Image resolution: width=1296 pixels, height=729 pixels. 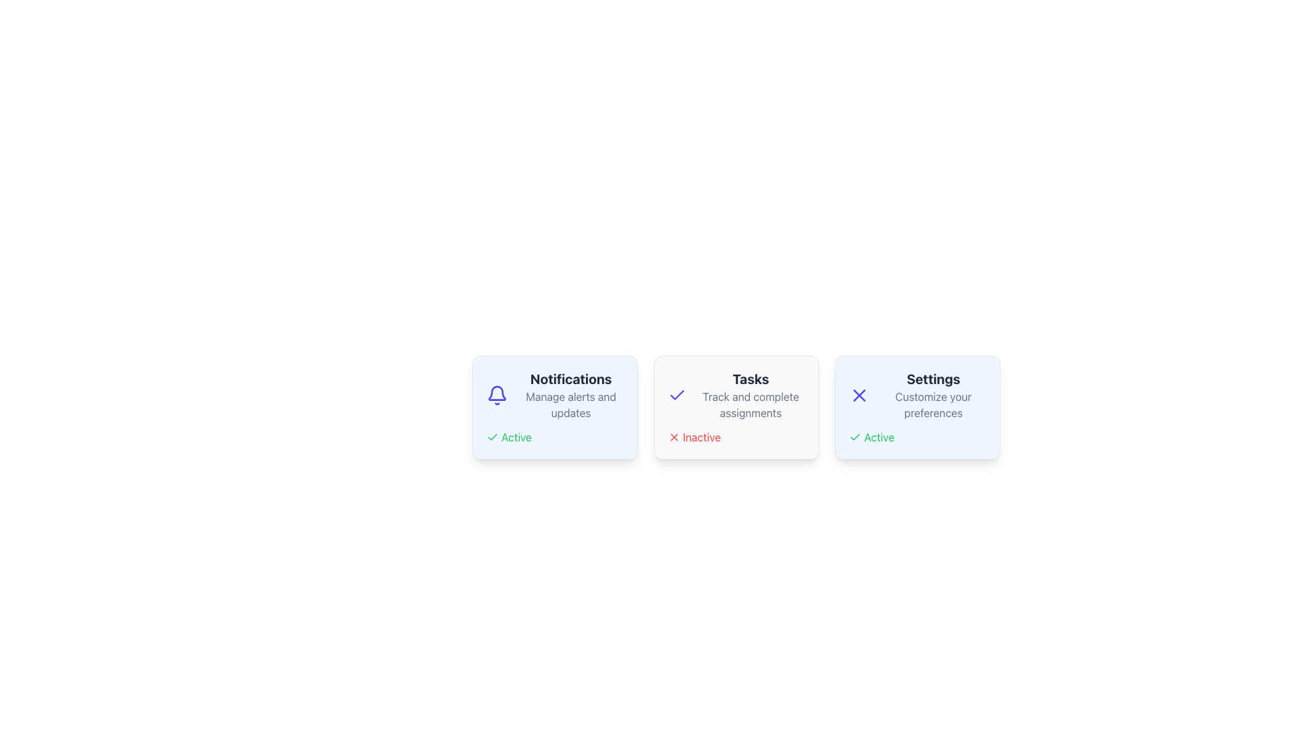 What do you see at coordinates (917, 395) in the screenshot?
I see `information displayed in the 'Settings' text label located in the rightmost card of three horizontally aligned cards` at bounding box center [917, 395].